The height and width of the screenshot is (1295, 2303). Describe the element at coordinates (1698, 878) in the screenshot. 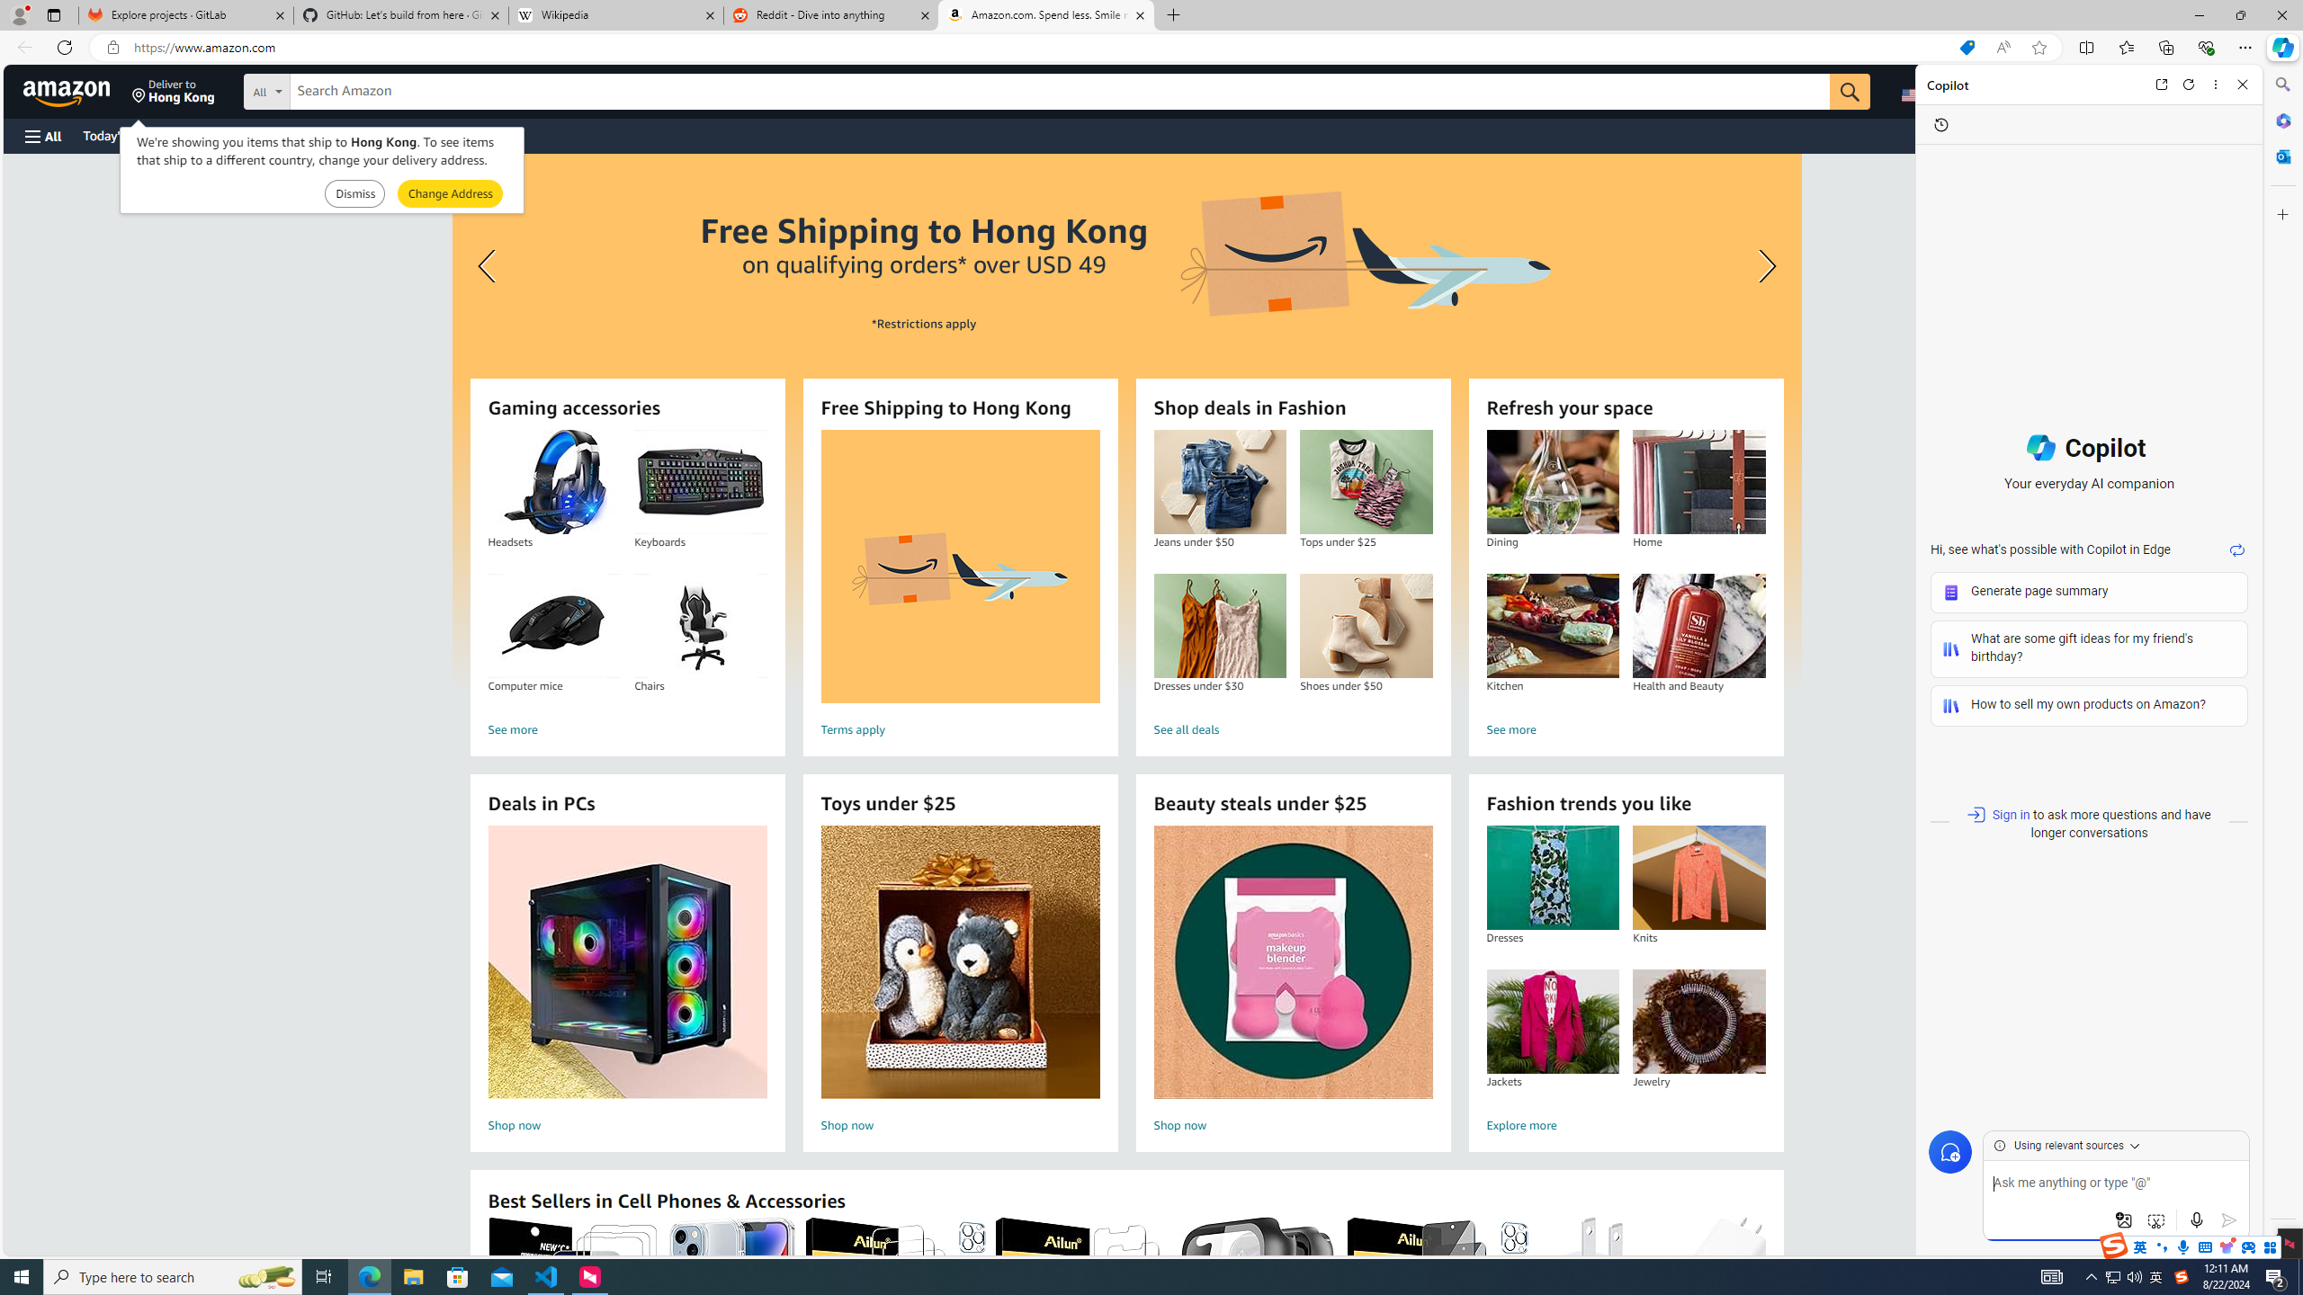

I see `'Knits'` at that location.